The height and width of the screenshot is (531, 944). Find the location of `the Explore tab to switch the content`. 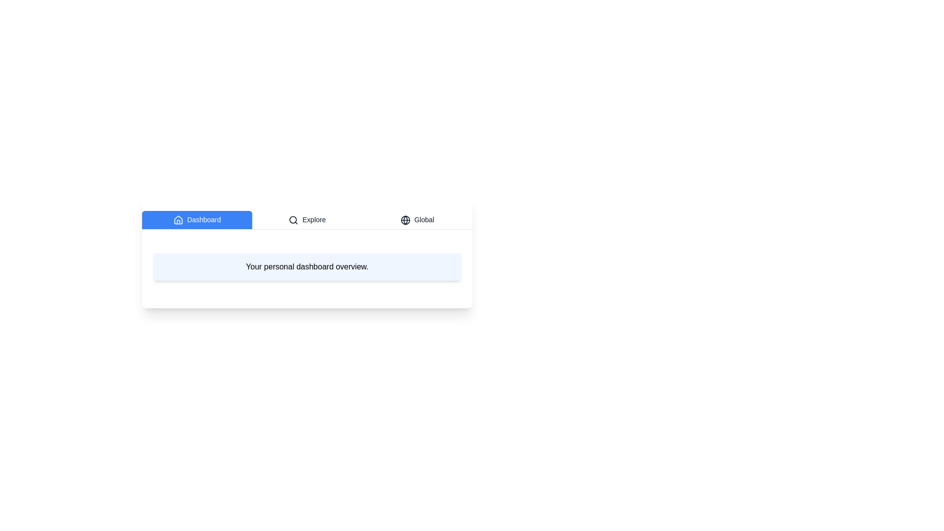

the Explore tab to switch the content is located at coordinates (306, 219).